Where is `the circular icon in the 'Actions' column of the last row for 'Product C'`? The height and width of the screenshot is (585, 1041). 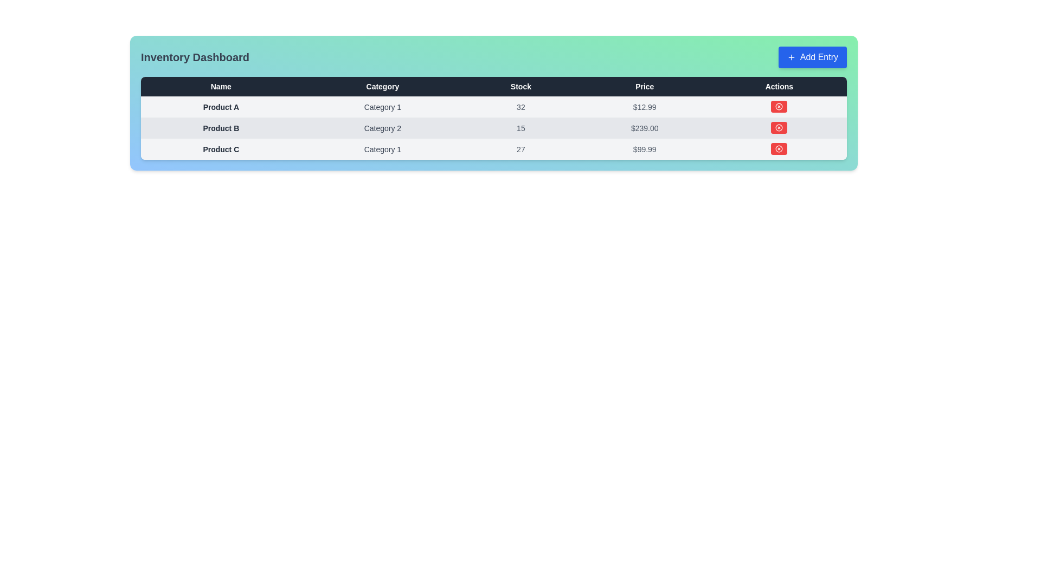
the circular icon in the 'Actions' column of the last row for 'Product C' is located at coordinates (779, 148).